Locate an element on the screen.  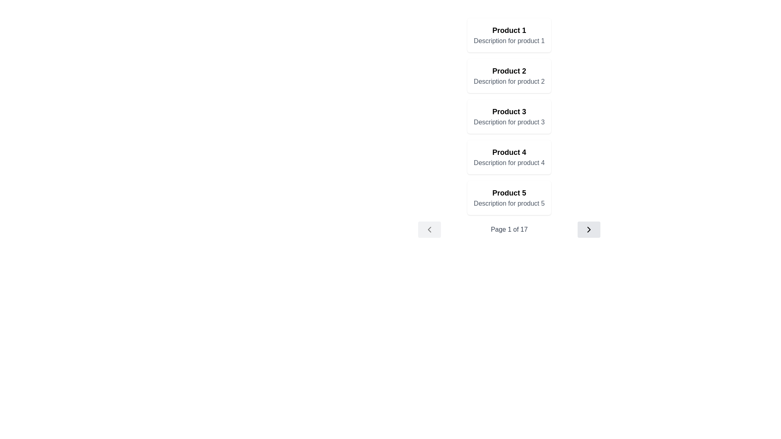
the text label displaying 'Page 1 of 17' located at the bottom of the interface, below the product list is located at coordinates (509, 229).